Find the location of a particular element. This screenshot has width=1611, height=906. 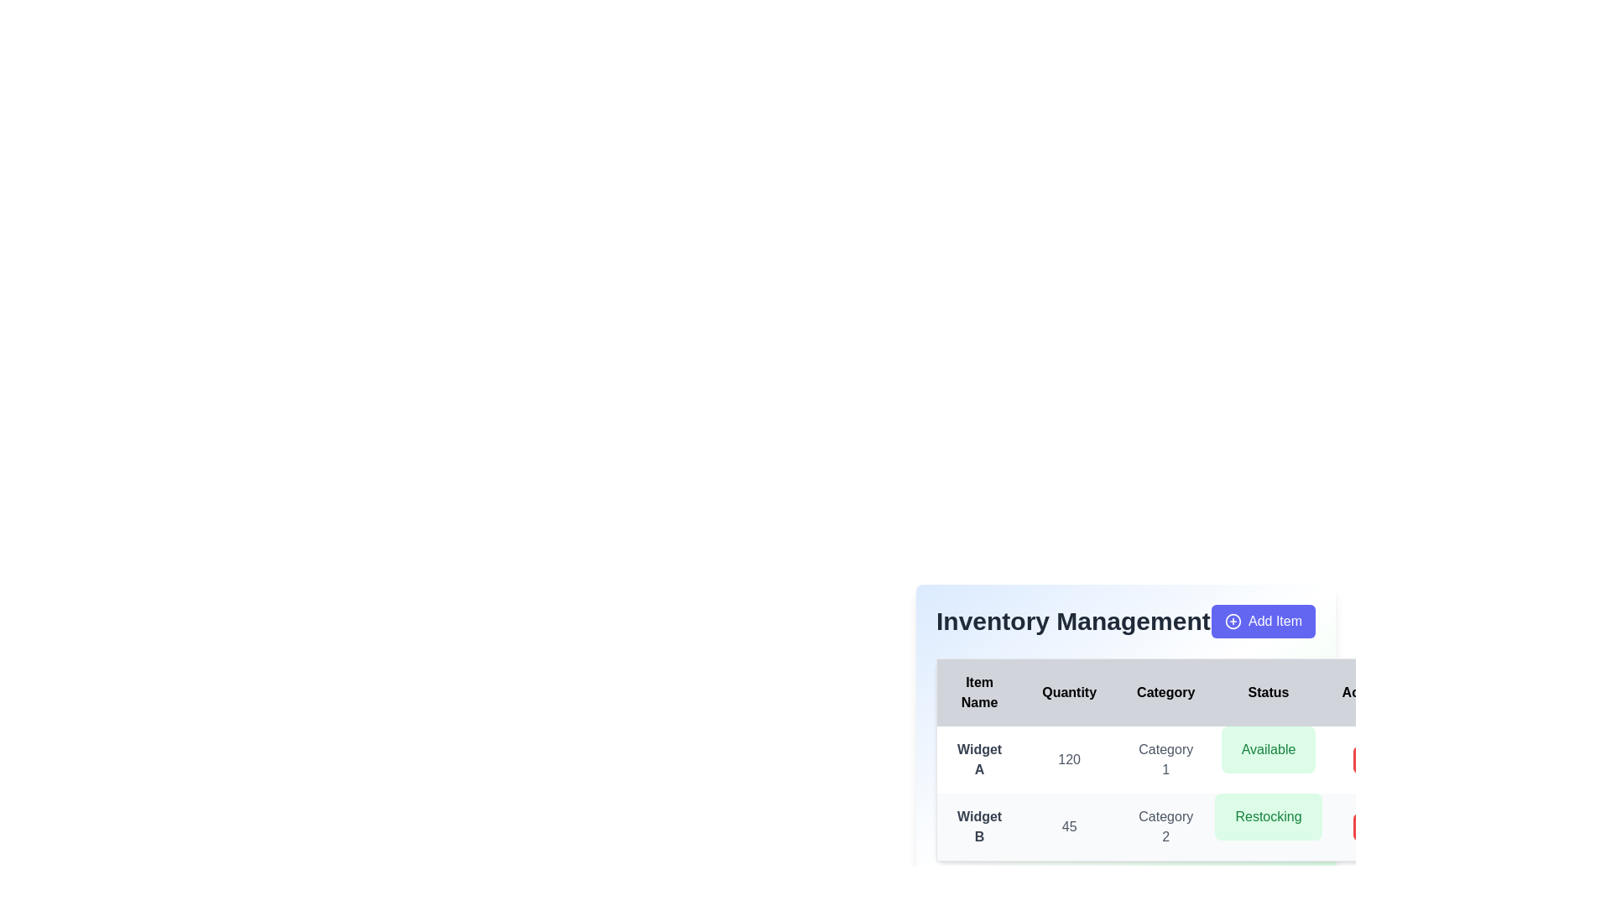

the 'Category 2' text label in the third column of the second row of the table indicating 'Widget B' is located at coordinates (1165, 826).